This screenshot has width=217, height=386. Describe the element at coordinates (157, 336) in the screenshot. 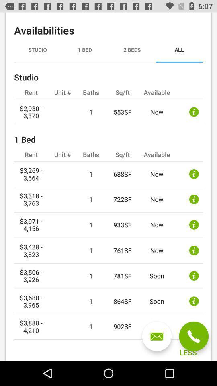

I see `the email icon` at that location.